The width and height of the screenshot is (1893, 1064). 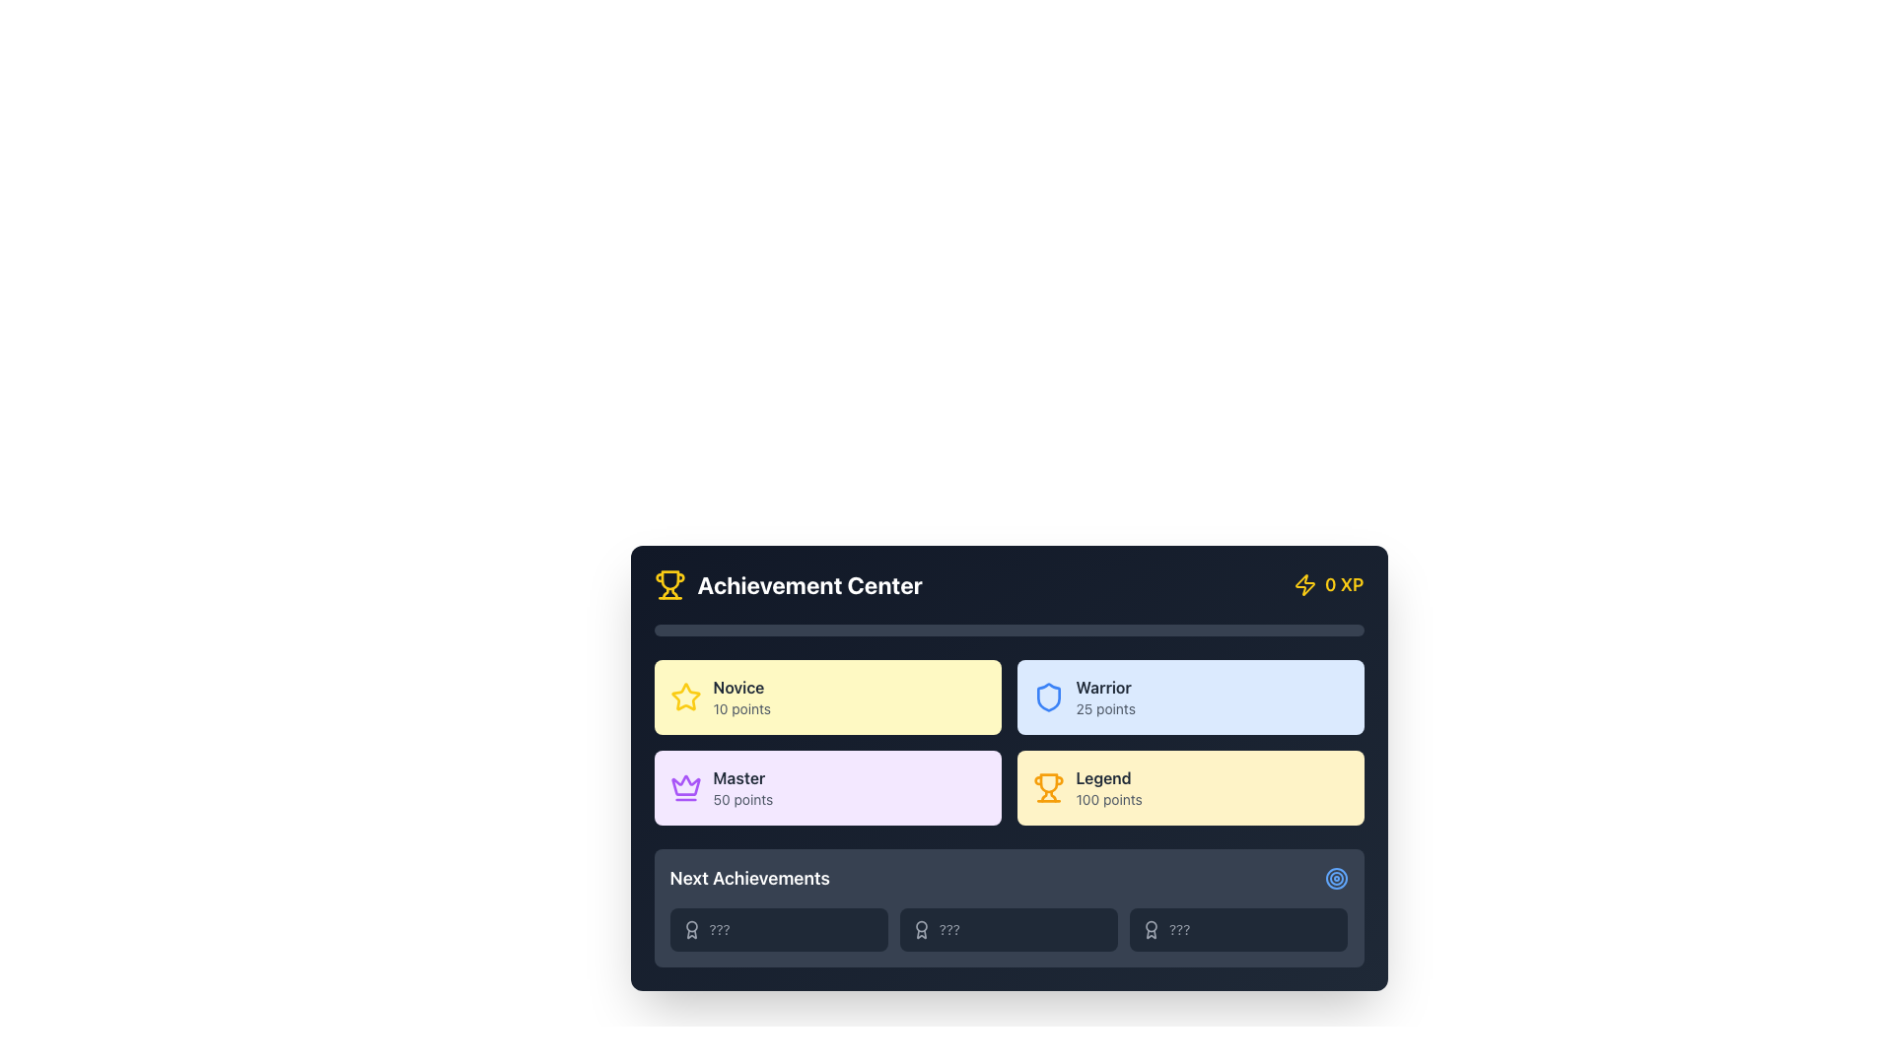 I want to click on the goal marker icon located in the bottom-right corner of the 'Next Achievements' section, adjacent to three placeholder elements, so click(x=1336, y=877).